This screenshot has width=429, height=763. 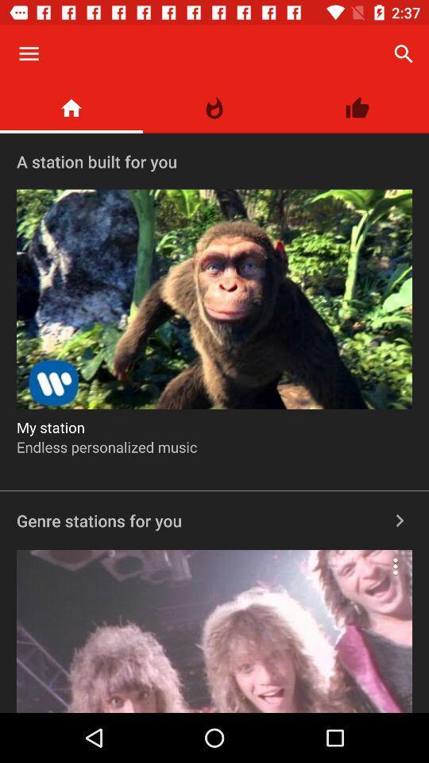 What do you see at coordinates (71, 107) in the screenshot?
I see `the item above a station built item` at bounding box center [71, 107].